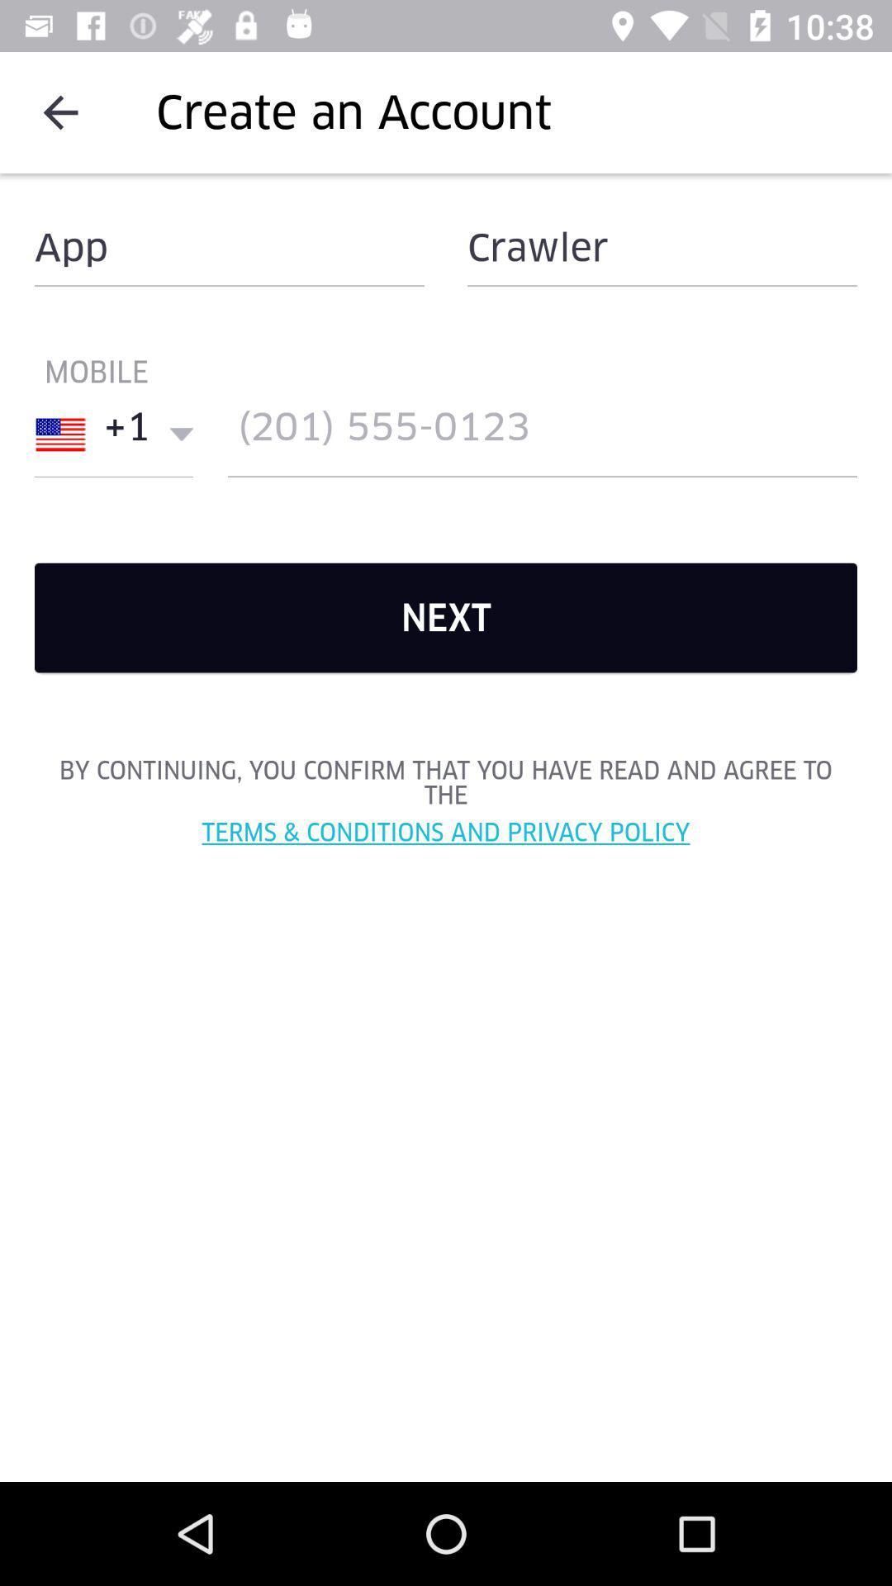 This screenshot has width=892, height=1586. Describe the element at coordinates (542, 434) in the screenshot. I see `the text input field box which is above the next button` at that location.